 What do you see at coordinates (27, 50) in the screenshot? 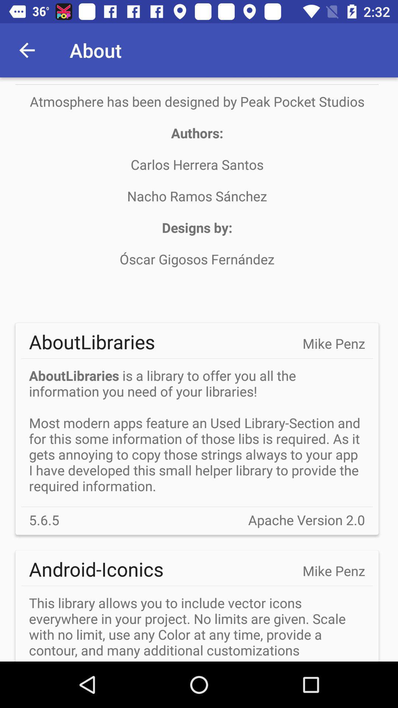
I see `app next to the about` at bounding box center [27, 50].